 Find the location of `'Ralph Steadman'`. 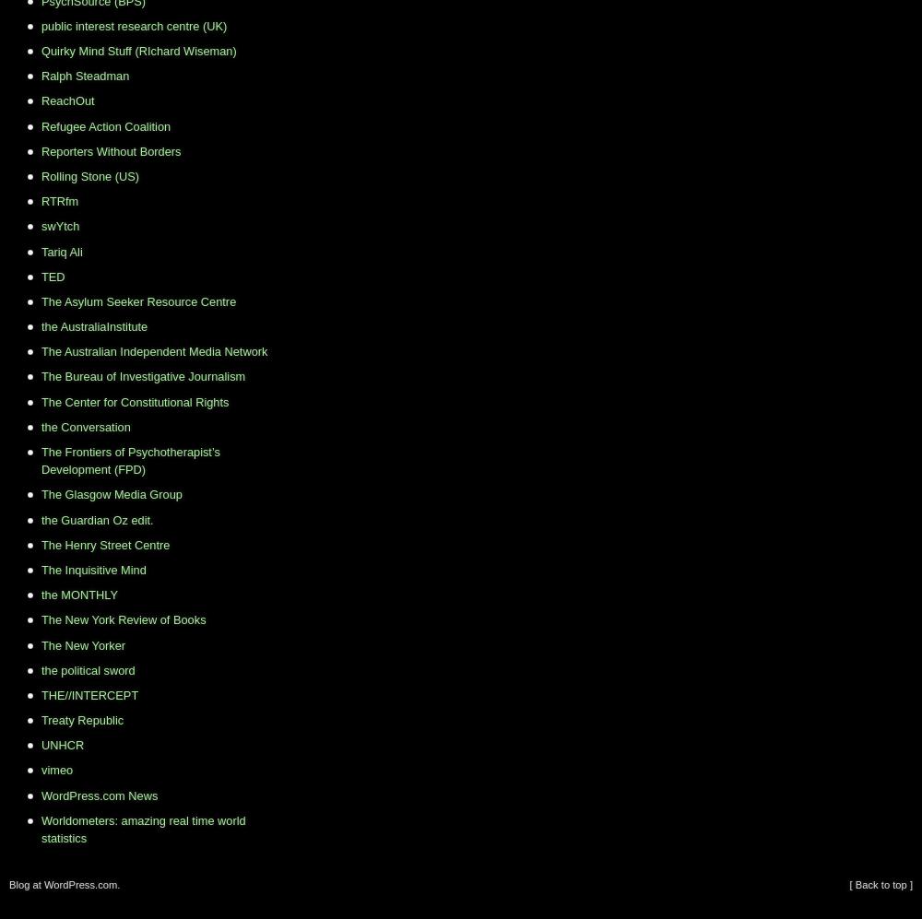

'Ralph Steadman' is located at coordinates (41, 75).